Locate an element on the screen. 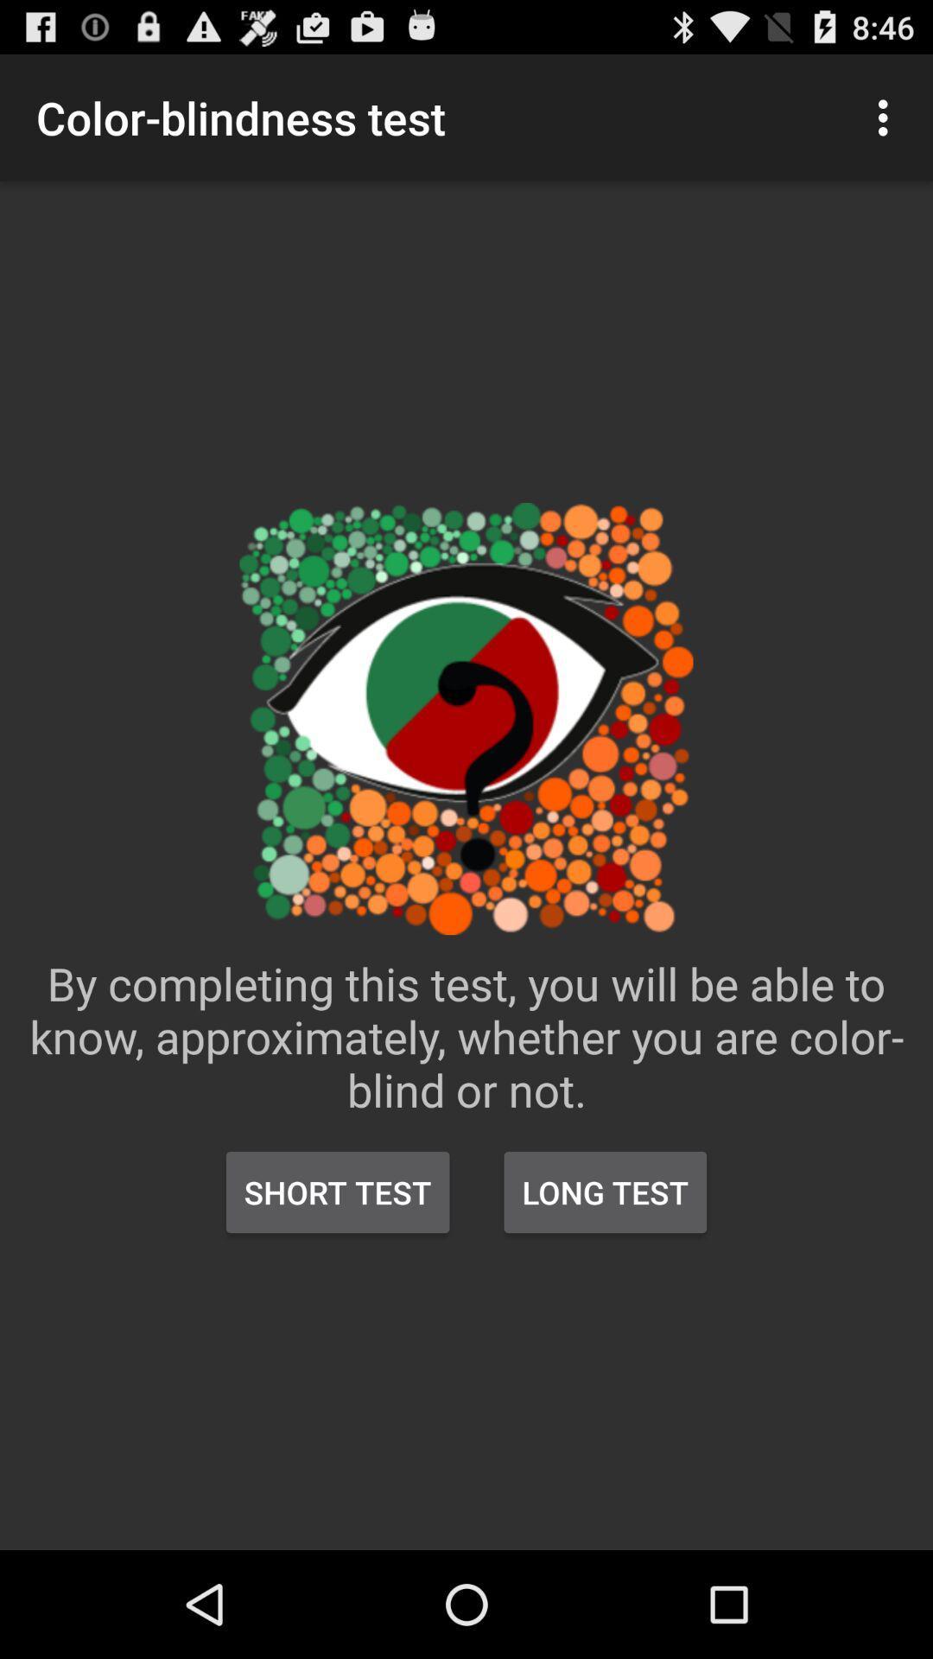 Image resolution: width=933 pixels, height=1659 pixels. the icon next to long test icon is located at coordinates (338, 1192).